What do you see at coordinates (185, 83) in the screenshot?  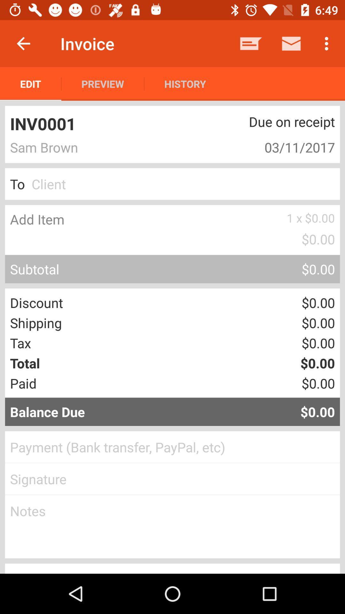 I see `the item next to the preview icon` at bounding box center [185, 83].